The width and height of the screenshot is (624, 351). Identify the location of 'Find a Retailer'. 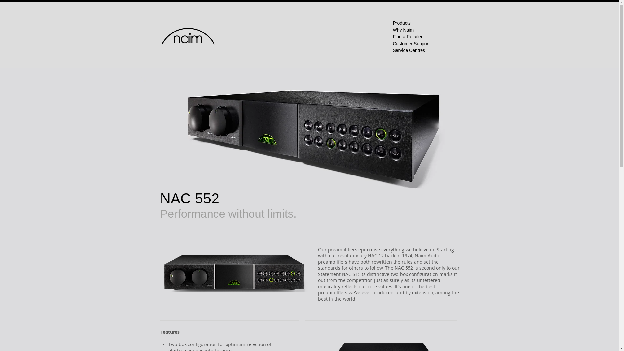
(392, 36).